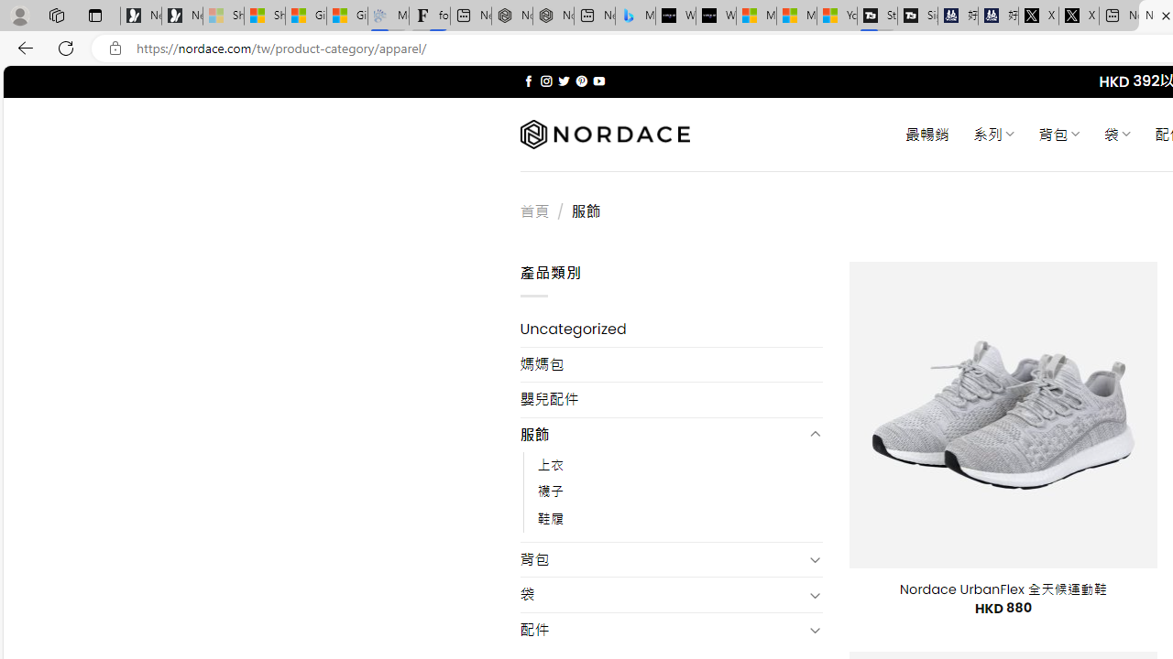 The width and height of the screenshot is (1173, 659). Describe the element at coordinates (670, 329) in the screenshot. I see `'Uncategorized'` at that location.